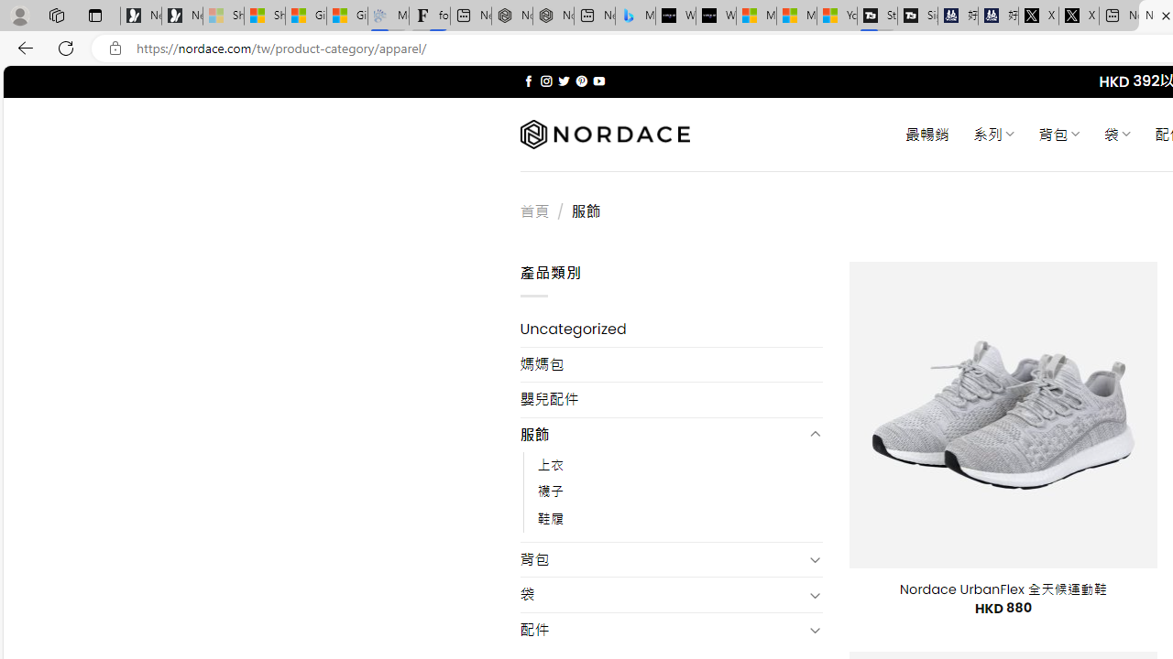 The width and height of the screenshot is (1173, 659). Describe the element at coordinates (670, 329) in the screenshot. I see `'Uncategorized'` at that location.